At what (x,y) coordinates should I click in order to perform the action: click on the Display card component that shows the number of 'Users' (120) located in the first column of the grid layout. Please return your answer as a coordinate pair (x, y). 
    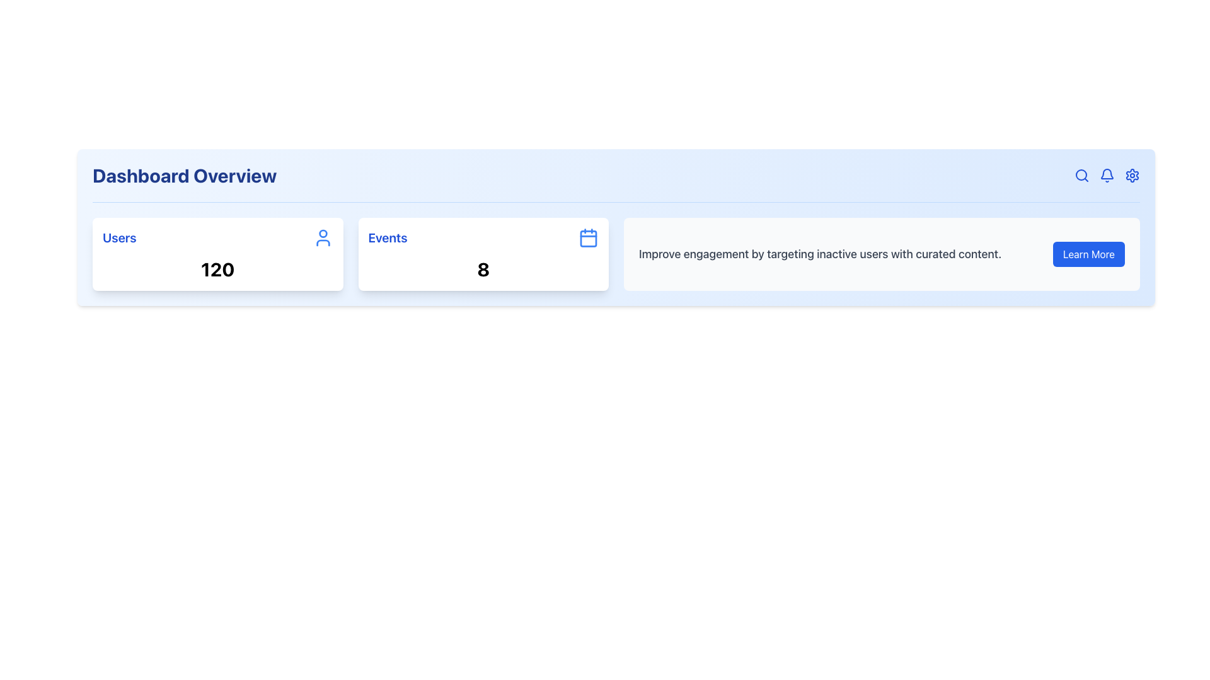
    Looking at the image, I should click on (217, 254).